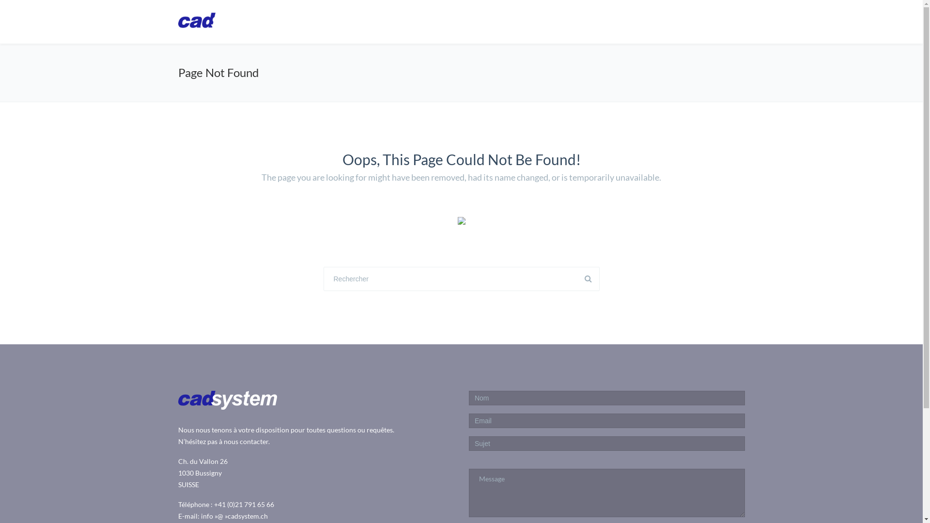  Describe the element at coordinates (227, 22) in the screenshot. I see `'www.cad-system.ch'` at that location.